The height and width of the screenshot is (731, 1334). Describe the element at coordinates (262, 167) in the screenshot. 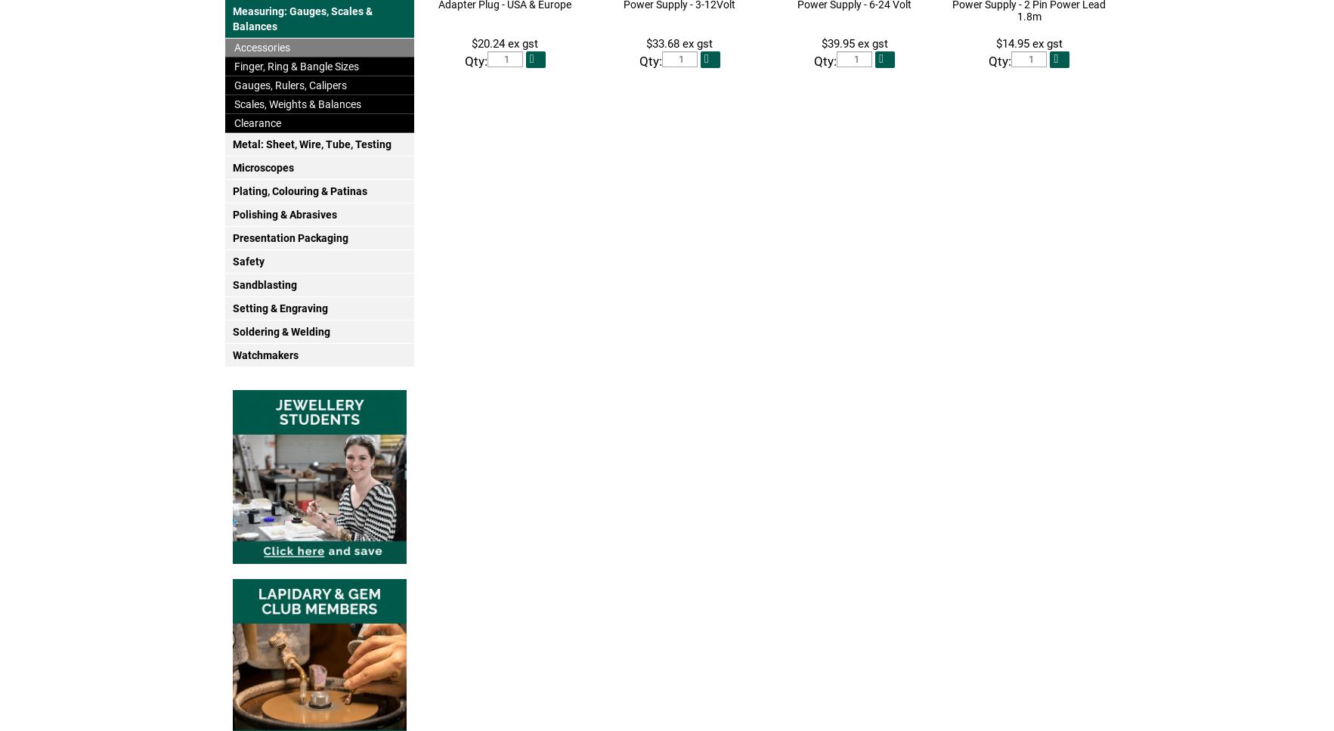

I see `'Microscopes'` at that location.